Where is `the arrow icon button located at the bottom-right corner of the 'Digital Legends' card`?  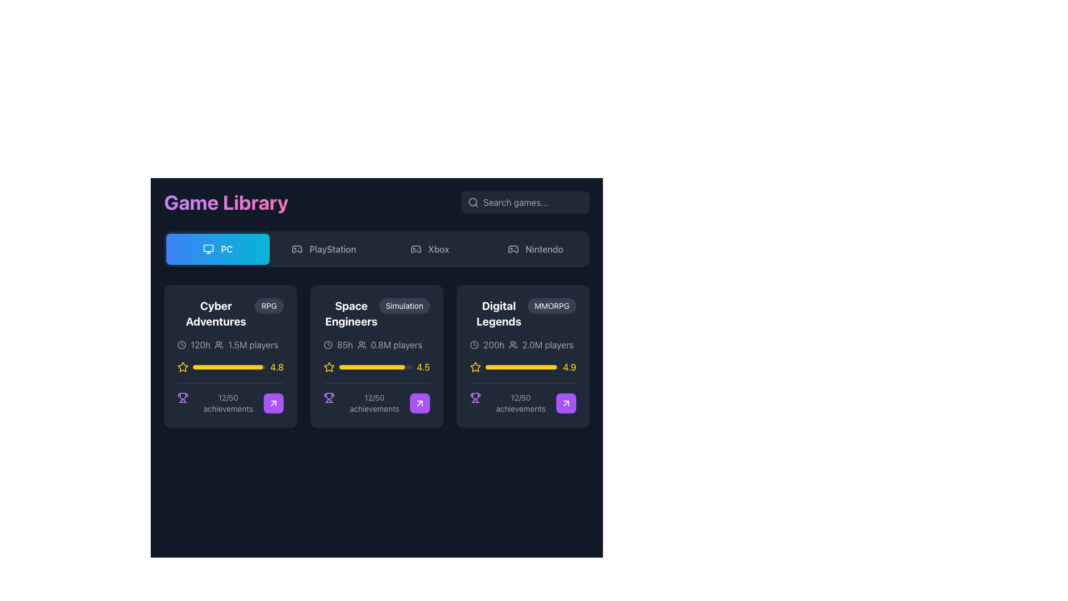 the arrow icon button located at the bottom-right corner of the 'Digital Legends' card is located at coordinates (419, 403).